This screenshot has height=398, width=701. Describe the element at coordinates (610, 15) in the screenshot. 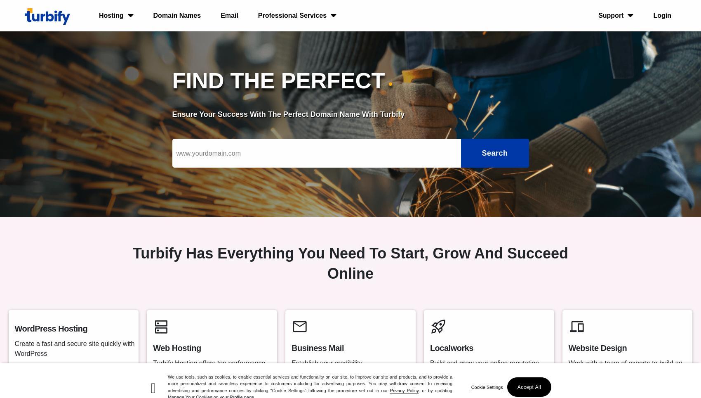

I see `'Support'` at that location.